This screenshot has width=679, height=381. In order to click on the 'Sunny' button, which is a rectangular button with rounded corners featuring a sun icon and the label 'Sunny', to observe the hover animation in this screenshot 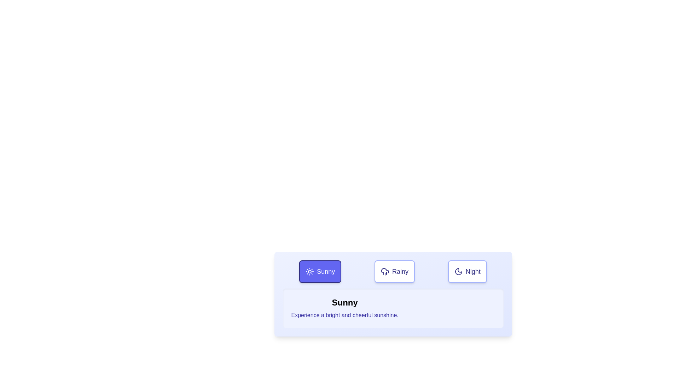, I will do `click(320, 271)`.